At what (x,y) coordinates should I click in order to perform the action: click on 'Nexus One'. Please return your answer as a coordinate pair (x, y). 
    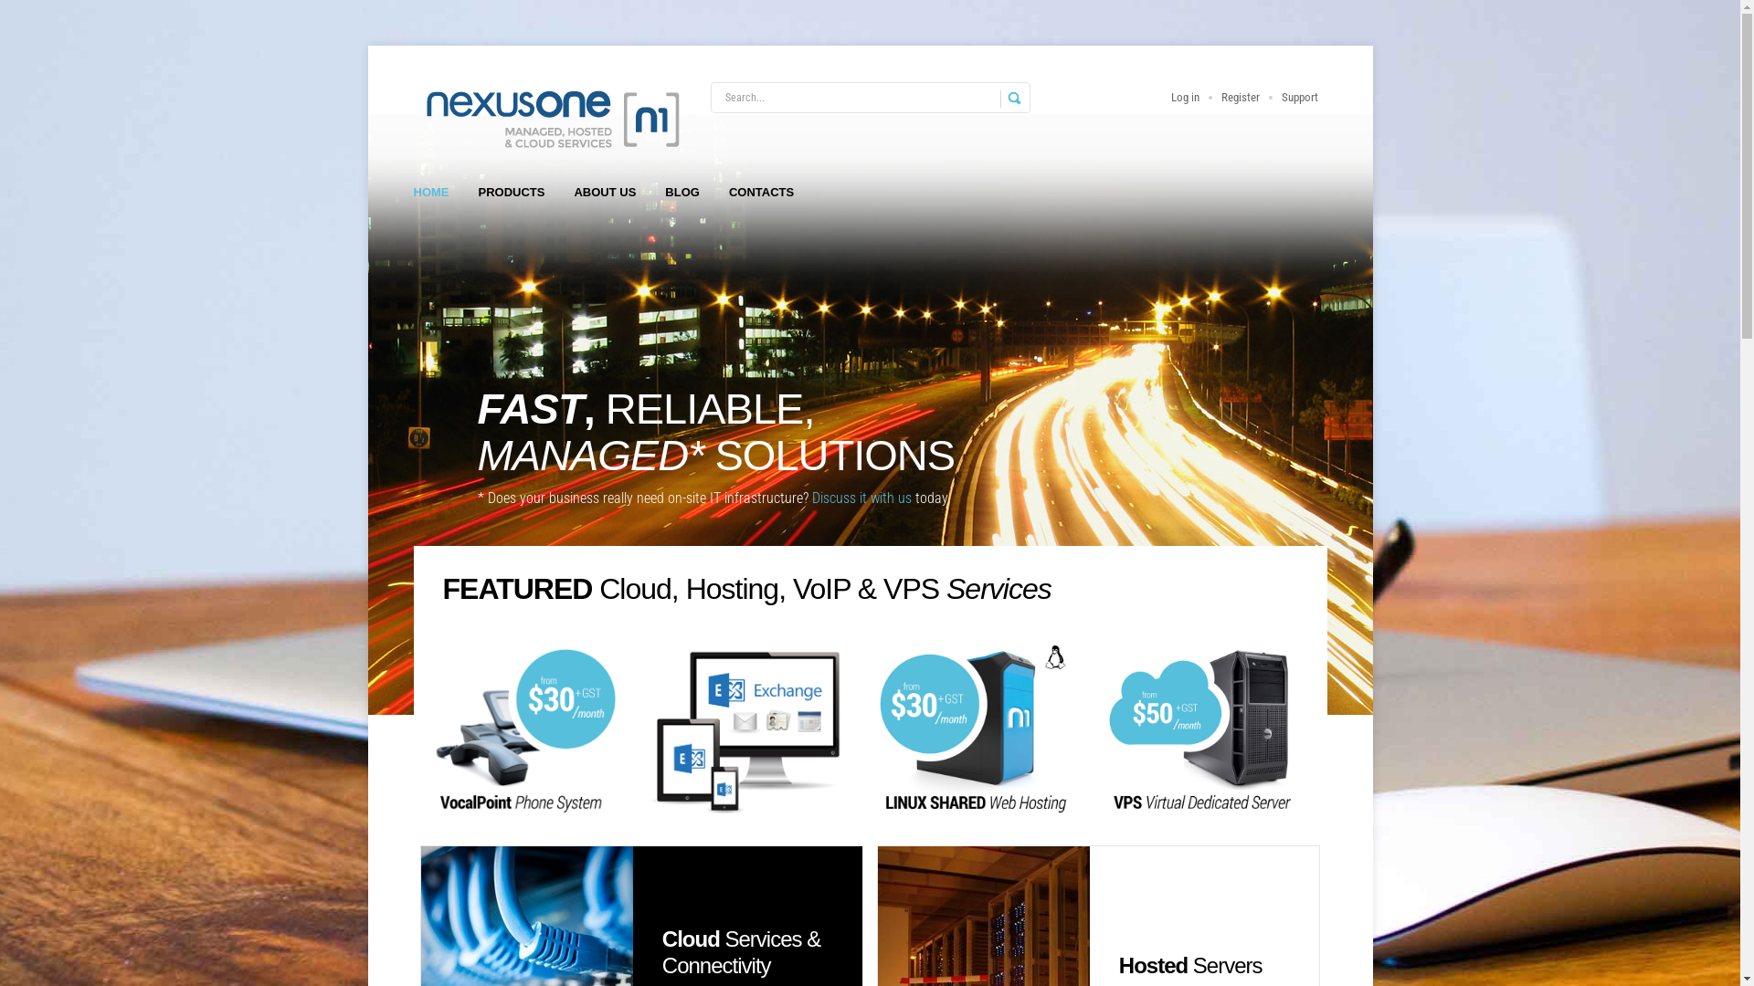
    Looking at the image, I should click on (548, 118).